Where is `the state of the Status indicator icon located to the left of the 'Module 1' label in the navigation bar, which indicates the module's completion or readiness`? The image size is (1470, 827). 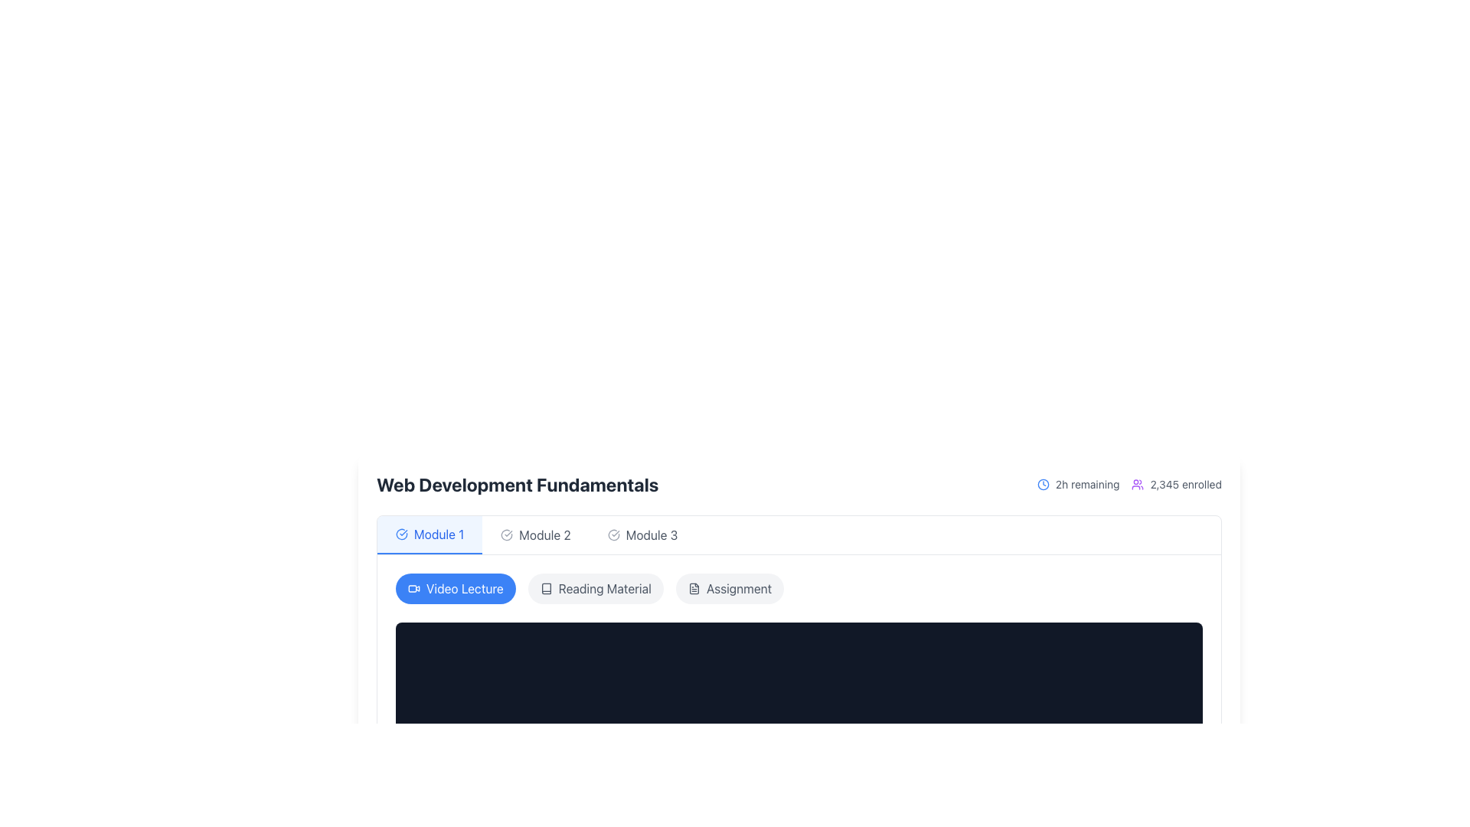 the state of the Status indicator icon located to the left of the 'Module 1' label in the navigation bar, which indicates the module's completion or readiness is located at coordinates (401, 534).